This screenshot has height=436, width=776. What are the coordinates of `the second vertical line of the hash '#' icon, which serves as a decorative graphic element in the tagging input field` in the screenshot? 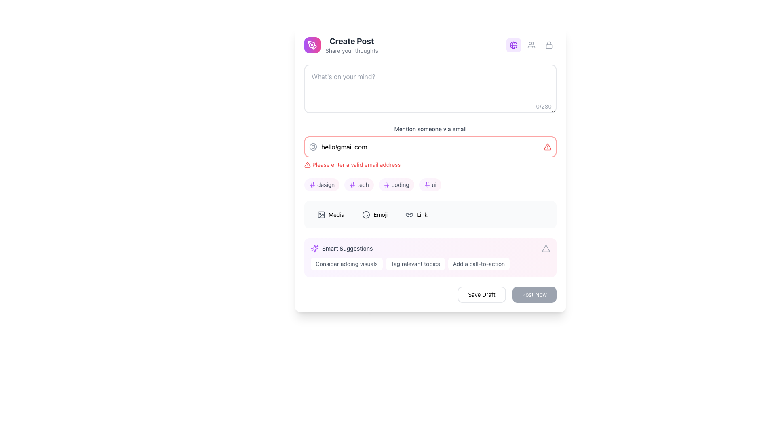 It's located at (427, 185).